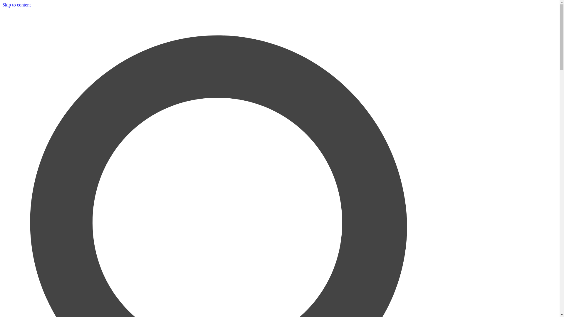 Image resolution: width=564 pixels, height=317 pixels. Describe the element at coordinates (16, 5) in the screenshot. I see `'Skip to content'` at that location.